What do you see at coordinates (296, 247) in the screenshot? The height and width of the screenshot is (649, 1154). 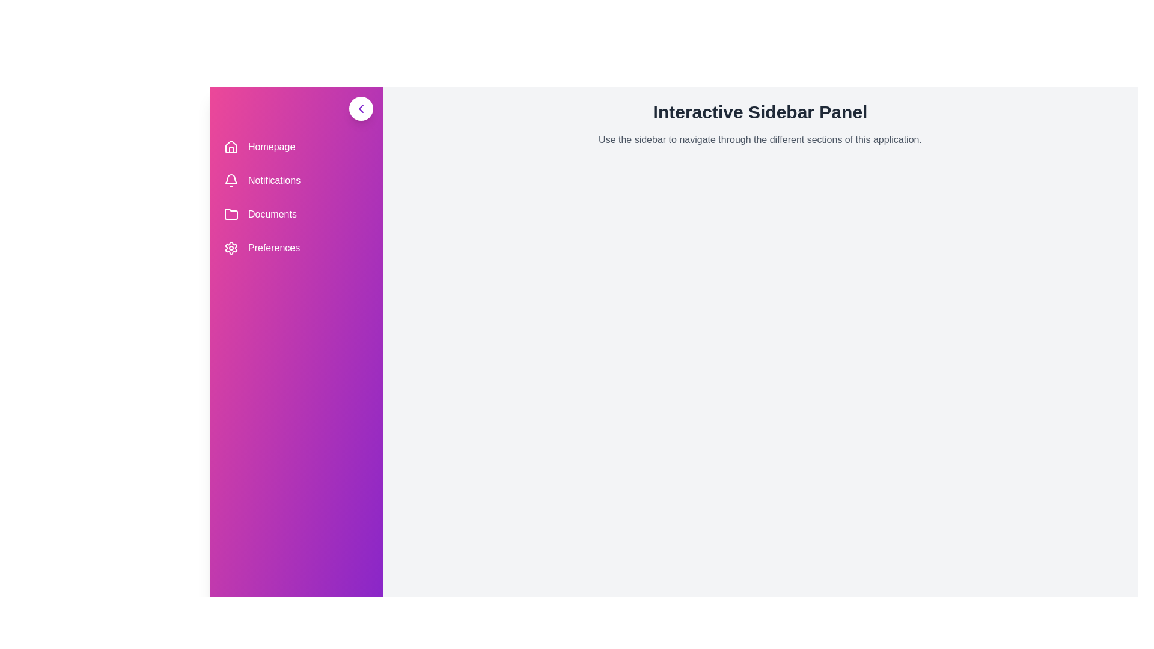 I see `the sidebar menu item Preferences` at bounding box center [296, 247].